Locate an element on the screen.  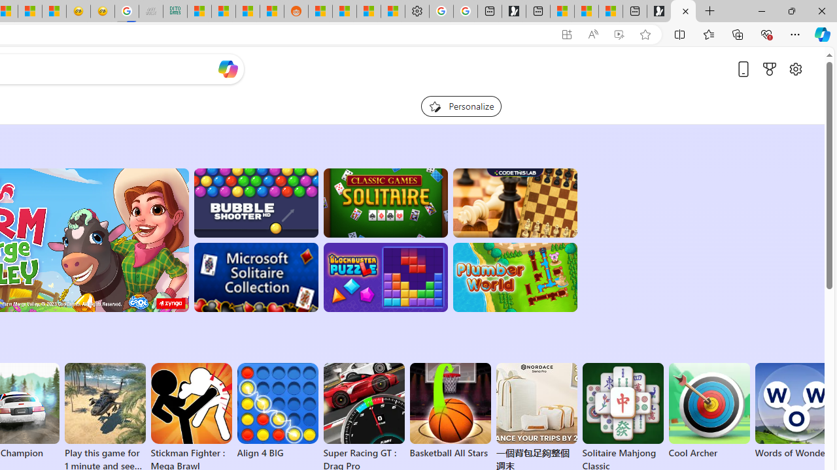
'Enhance video' is located at coordinates (618, 34).